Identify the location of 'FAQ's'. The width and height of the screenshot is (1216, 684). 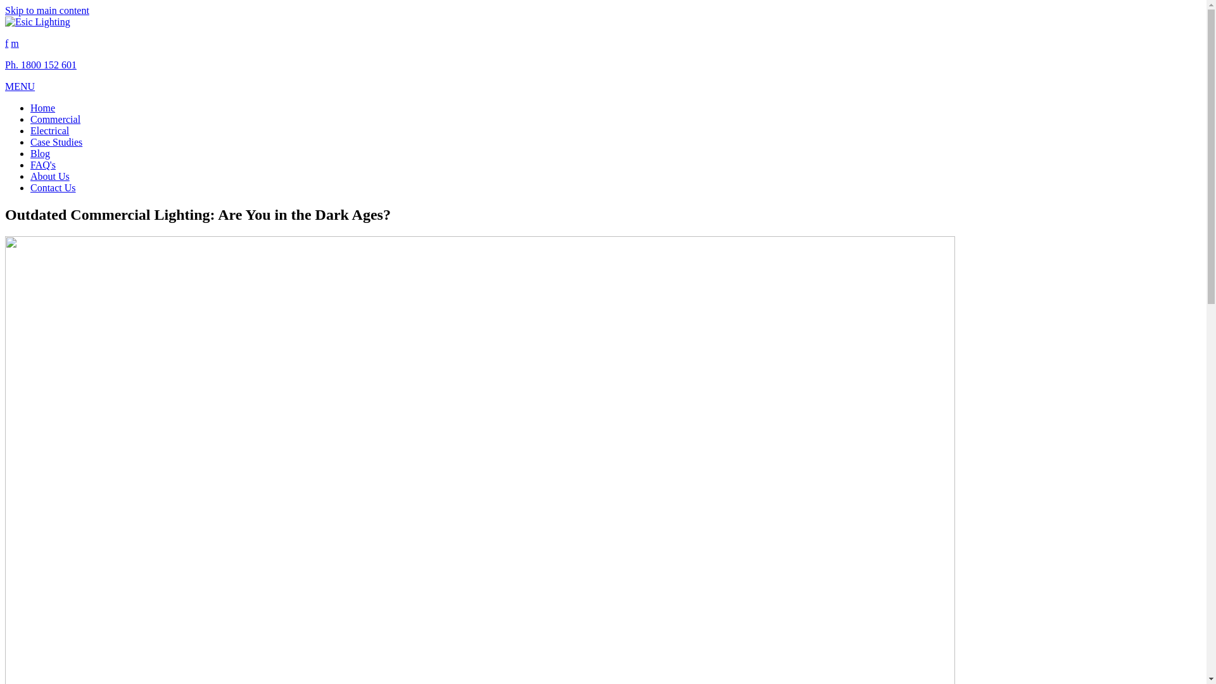
(42, 164).